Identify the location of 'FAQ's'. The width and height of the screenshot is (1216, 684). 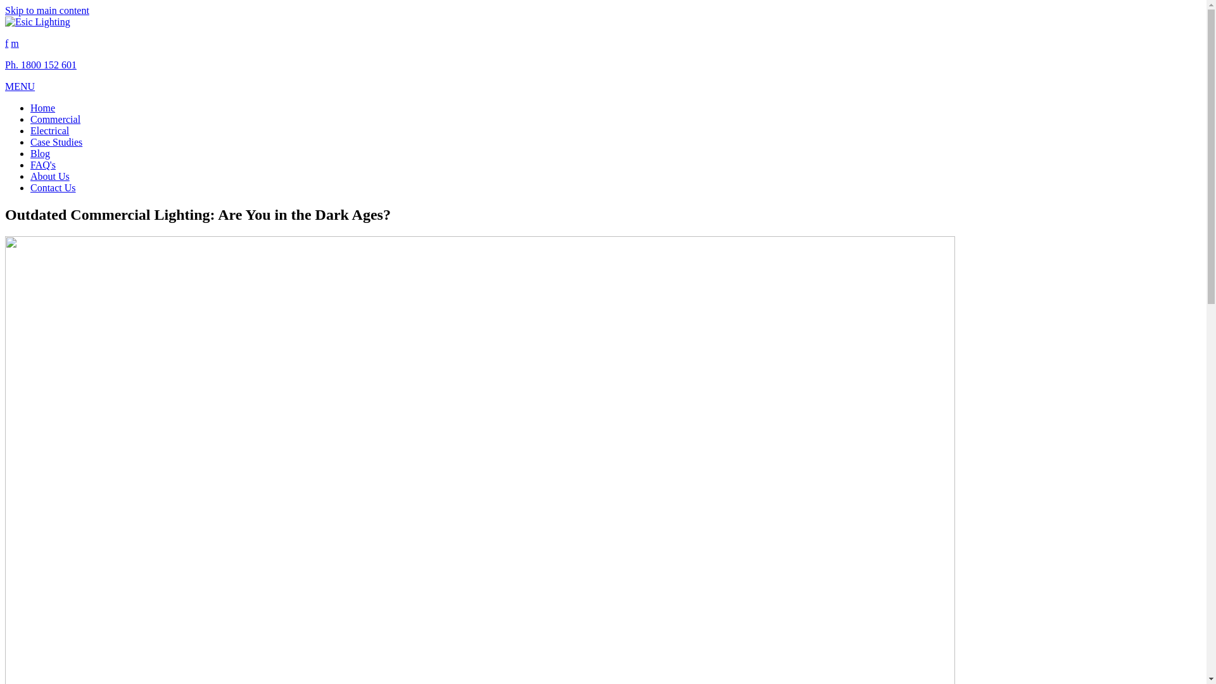
(42, 164).